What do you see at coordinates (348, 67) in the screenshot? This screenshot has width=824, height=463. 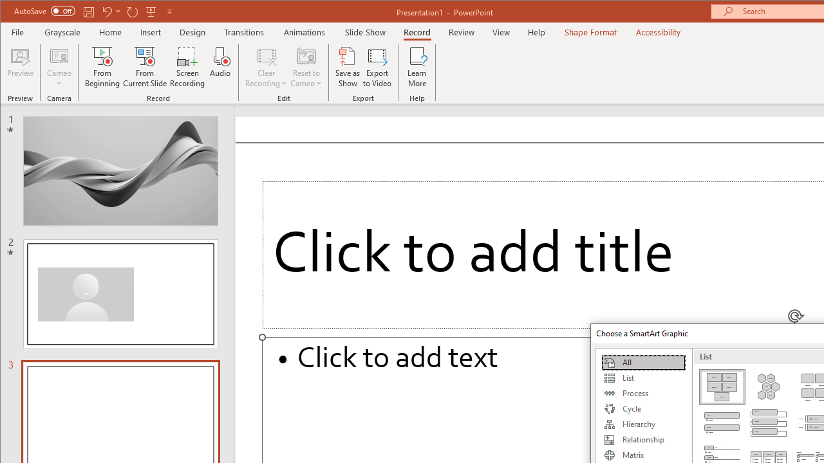 I see `'Save as Show'` at bounding box center [348, 67].